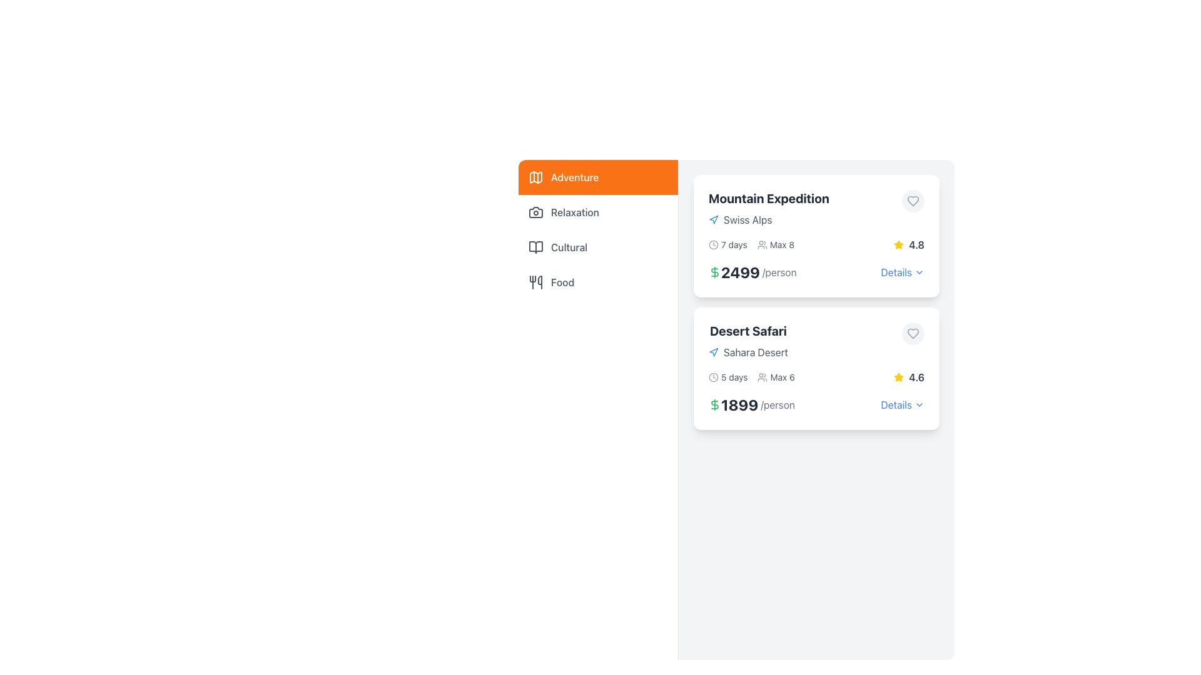 This screenshot has height=675, width=1201. Describe the element at coordinates (597, 247) in the screenshot. I see `the third button in the navigation sidebar, located between 'Relaxation' and 'Food'` at that location.